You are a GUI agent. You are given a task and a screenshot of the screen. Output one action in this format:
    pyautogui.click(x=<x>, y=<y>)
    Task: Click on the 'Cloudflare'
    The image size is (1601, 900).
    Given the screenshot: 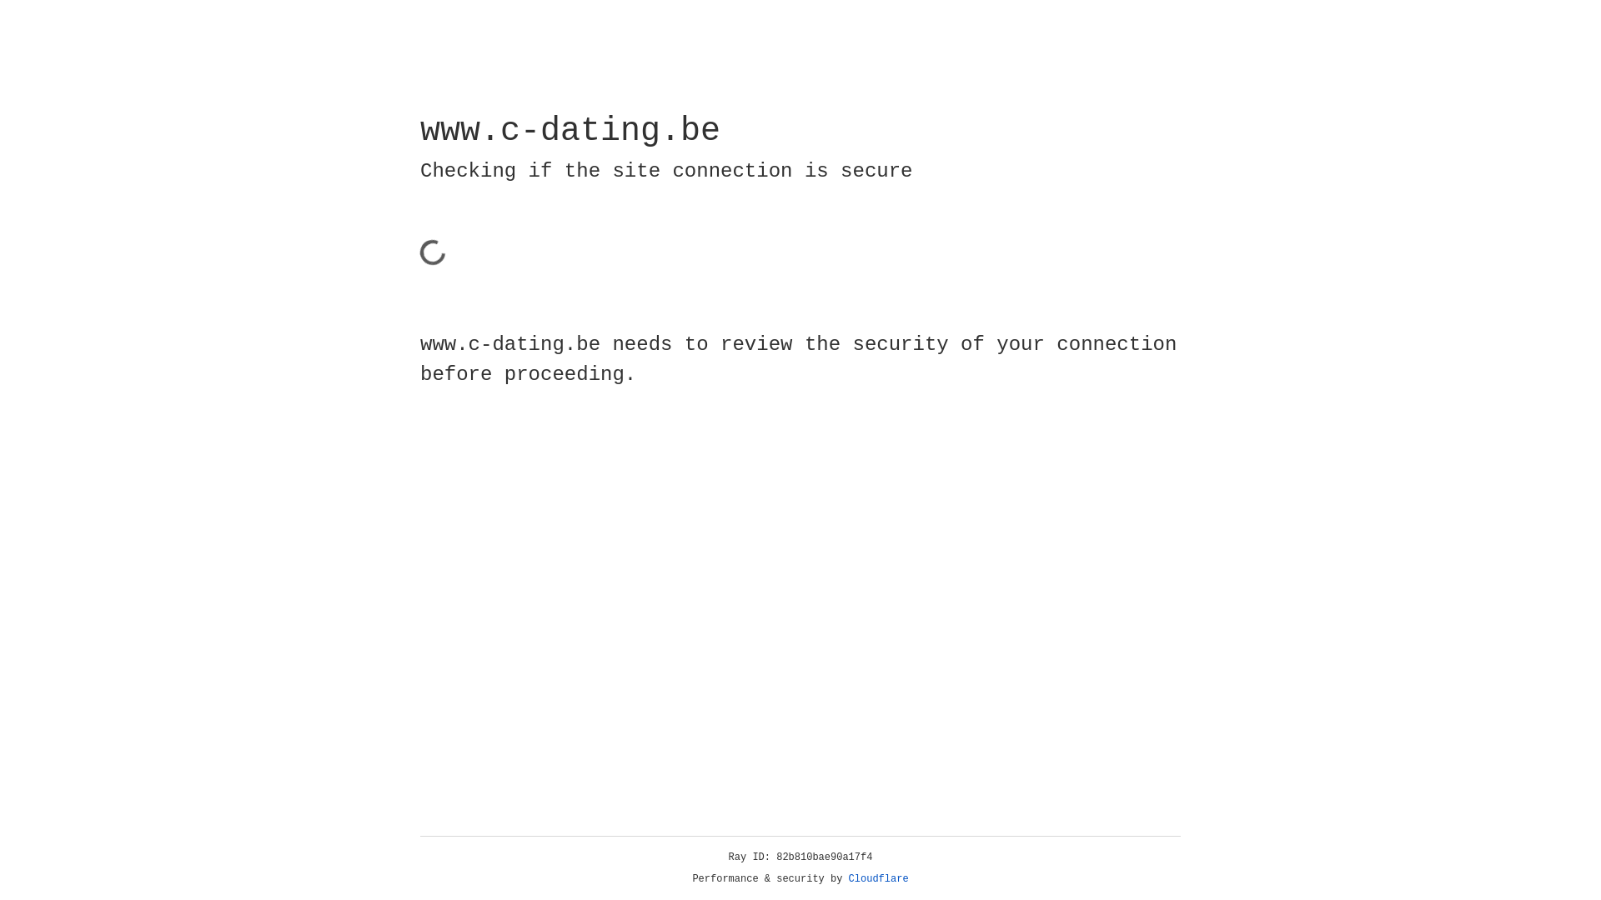 What is the action you would take?
    pyautogui.click(x=878, y=878)
    